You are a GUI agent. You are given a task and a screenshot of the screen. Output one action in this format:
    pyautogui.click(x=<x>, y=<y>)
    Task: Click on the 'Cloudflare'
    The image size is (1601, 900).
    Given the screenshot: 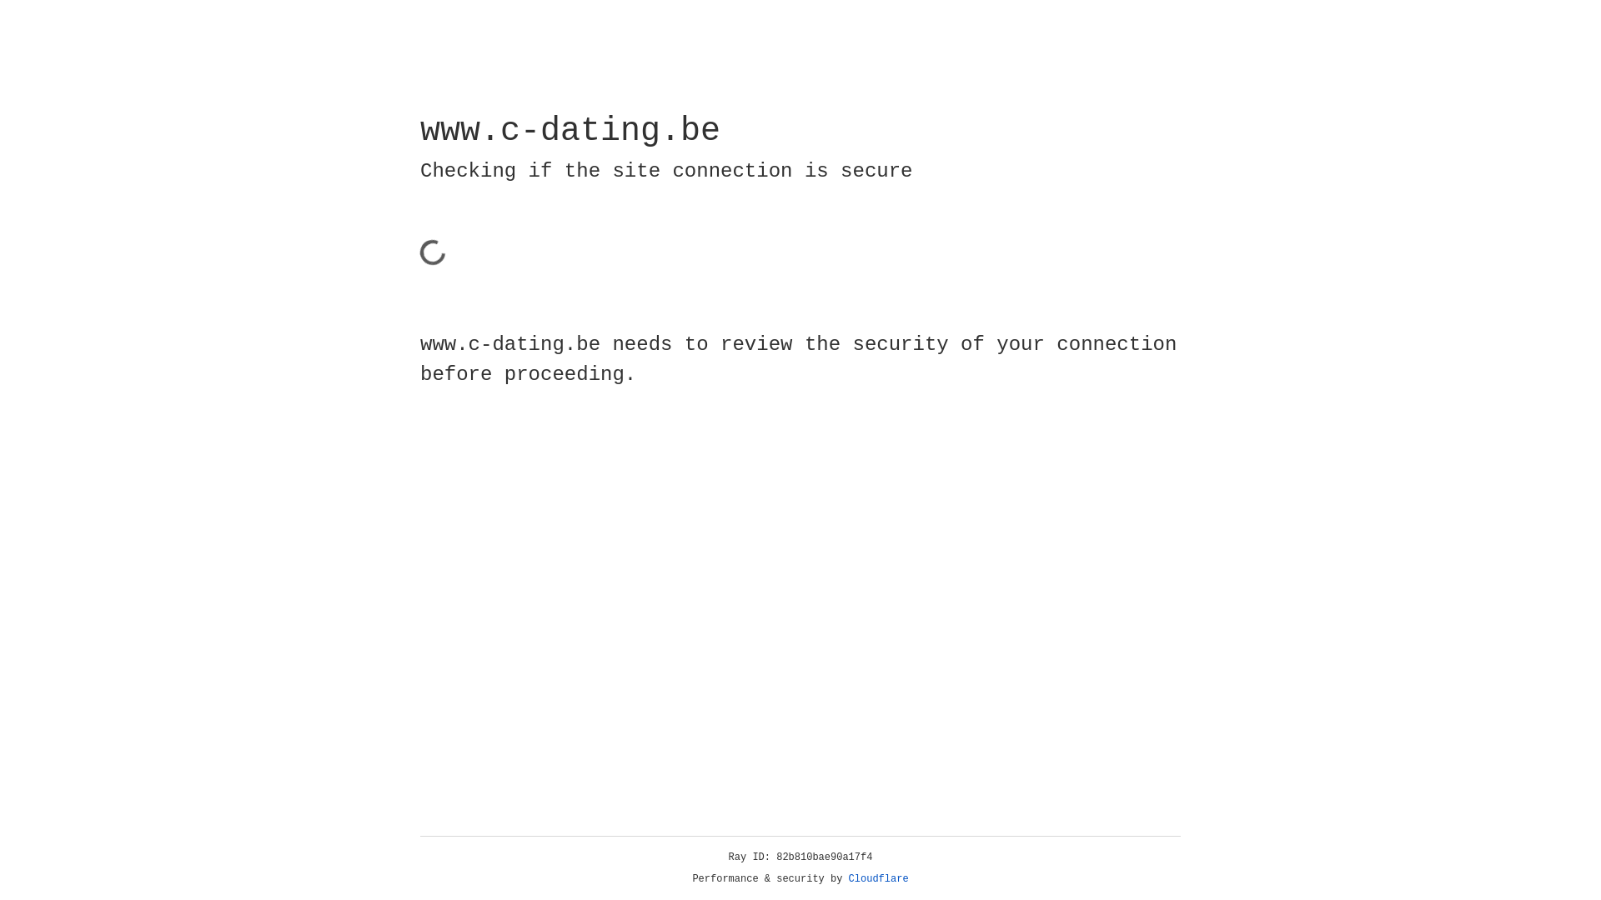 What is the action you would take?
    pyautogui.click(x=878, y=878)
    